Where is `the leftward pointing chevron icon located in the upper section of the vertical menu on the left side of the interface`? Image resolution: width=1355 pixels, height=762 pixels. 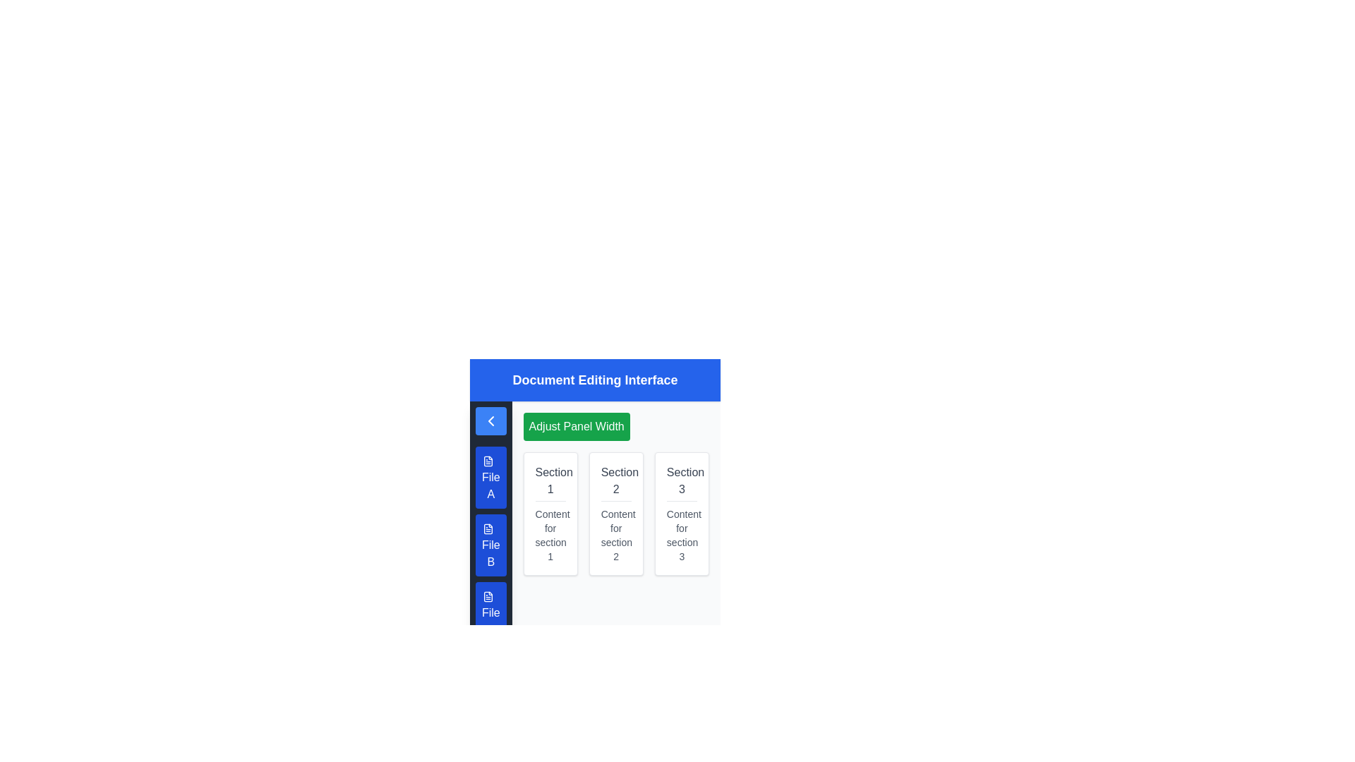
the leftward pointing chevron icon located in the upper section of the vertical menu on the left side of the interface is located at coordinates (490, 421).